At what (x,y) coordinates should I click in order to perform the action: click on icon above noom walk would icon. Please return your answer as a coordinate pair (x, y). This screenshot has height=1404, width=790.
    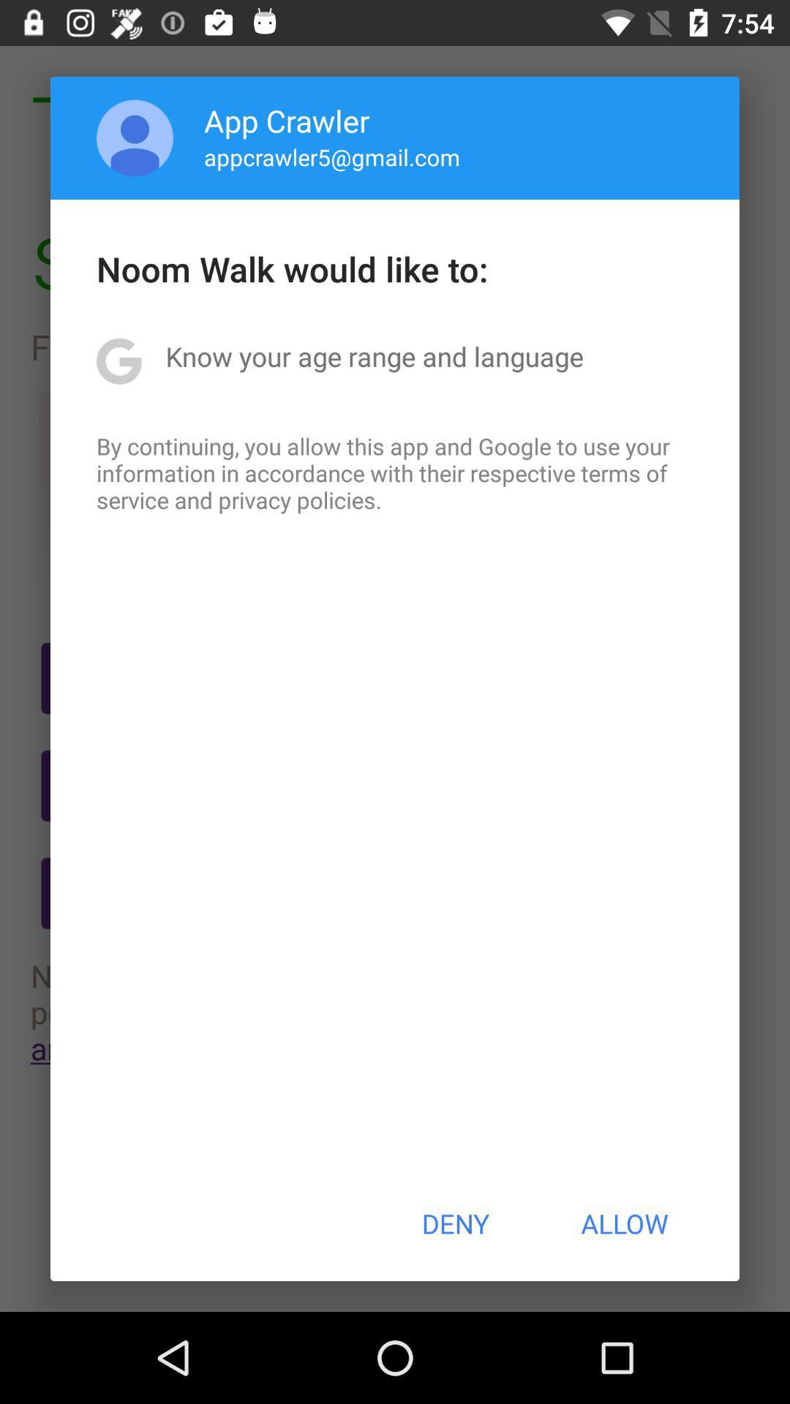
    Looking at the image, I should click on (332, 156).